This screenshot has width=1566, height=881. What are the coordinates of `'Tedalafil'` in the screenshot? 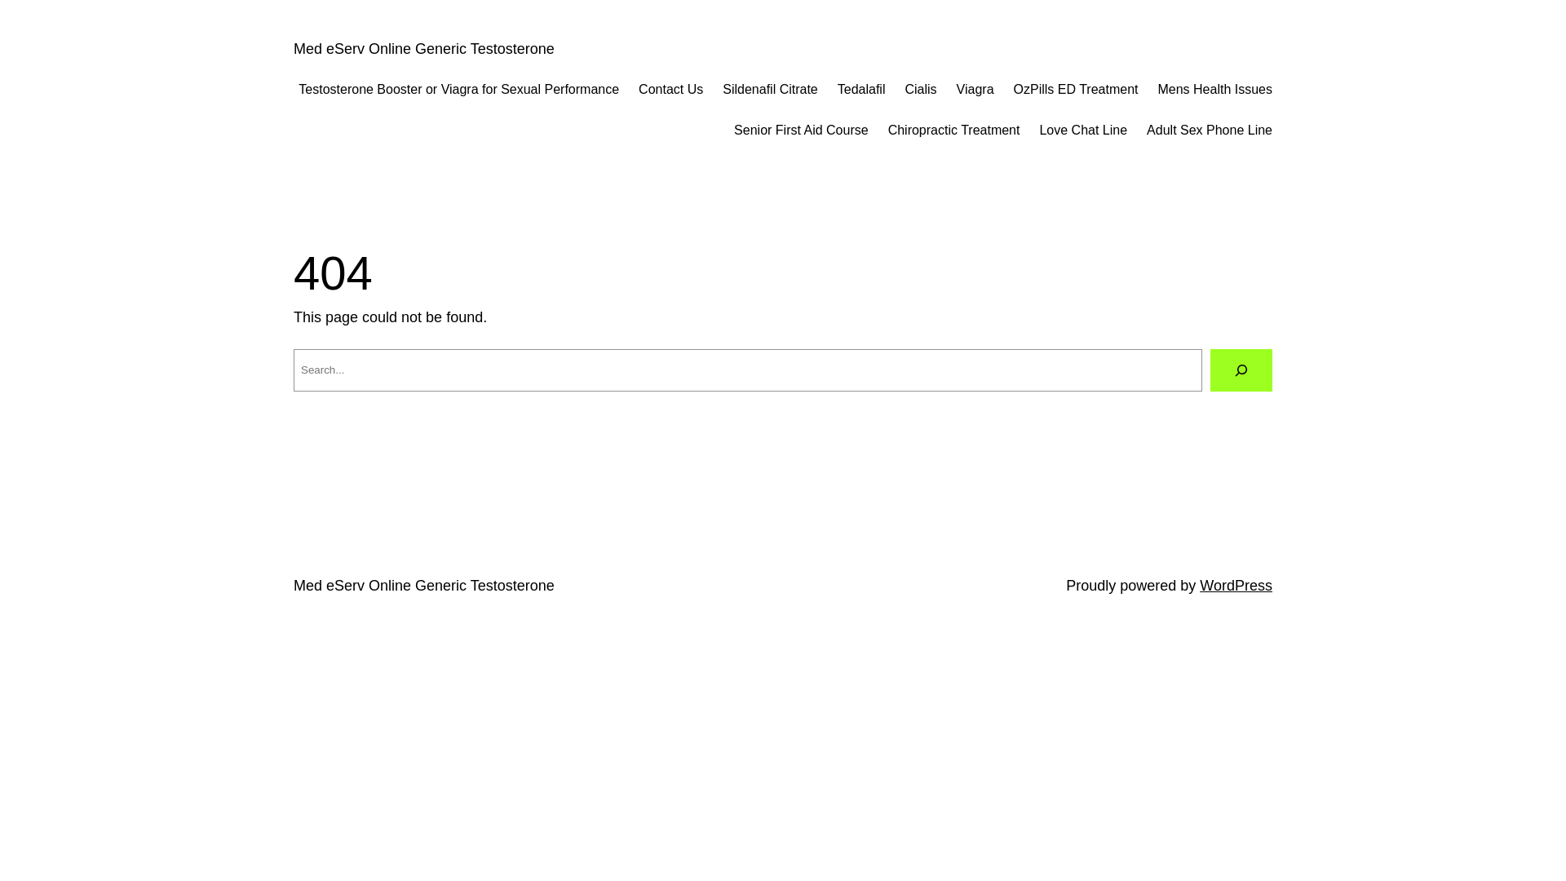 It's located at (860, 90).